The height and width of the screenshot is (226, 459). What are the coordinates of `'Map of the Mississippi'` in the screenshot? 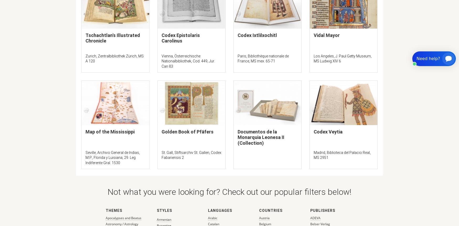 It's located at (86, 131).